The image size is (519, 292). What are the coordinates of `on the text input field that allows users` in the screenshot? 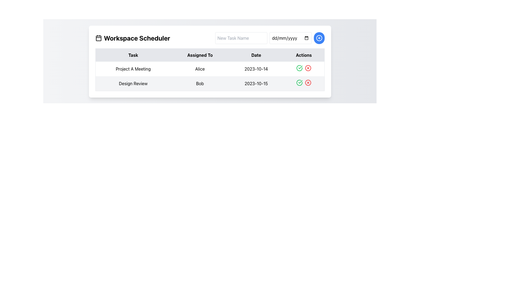 It's located at (241, 38).